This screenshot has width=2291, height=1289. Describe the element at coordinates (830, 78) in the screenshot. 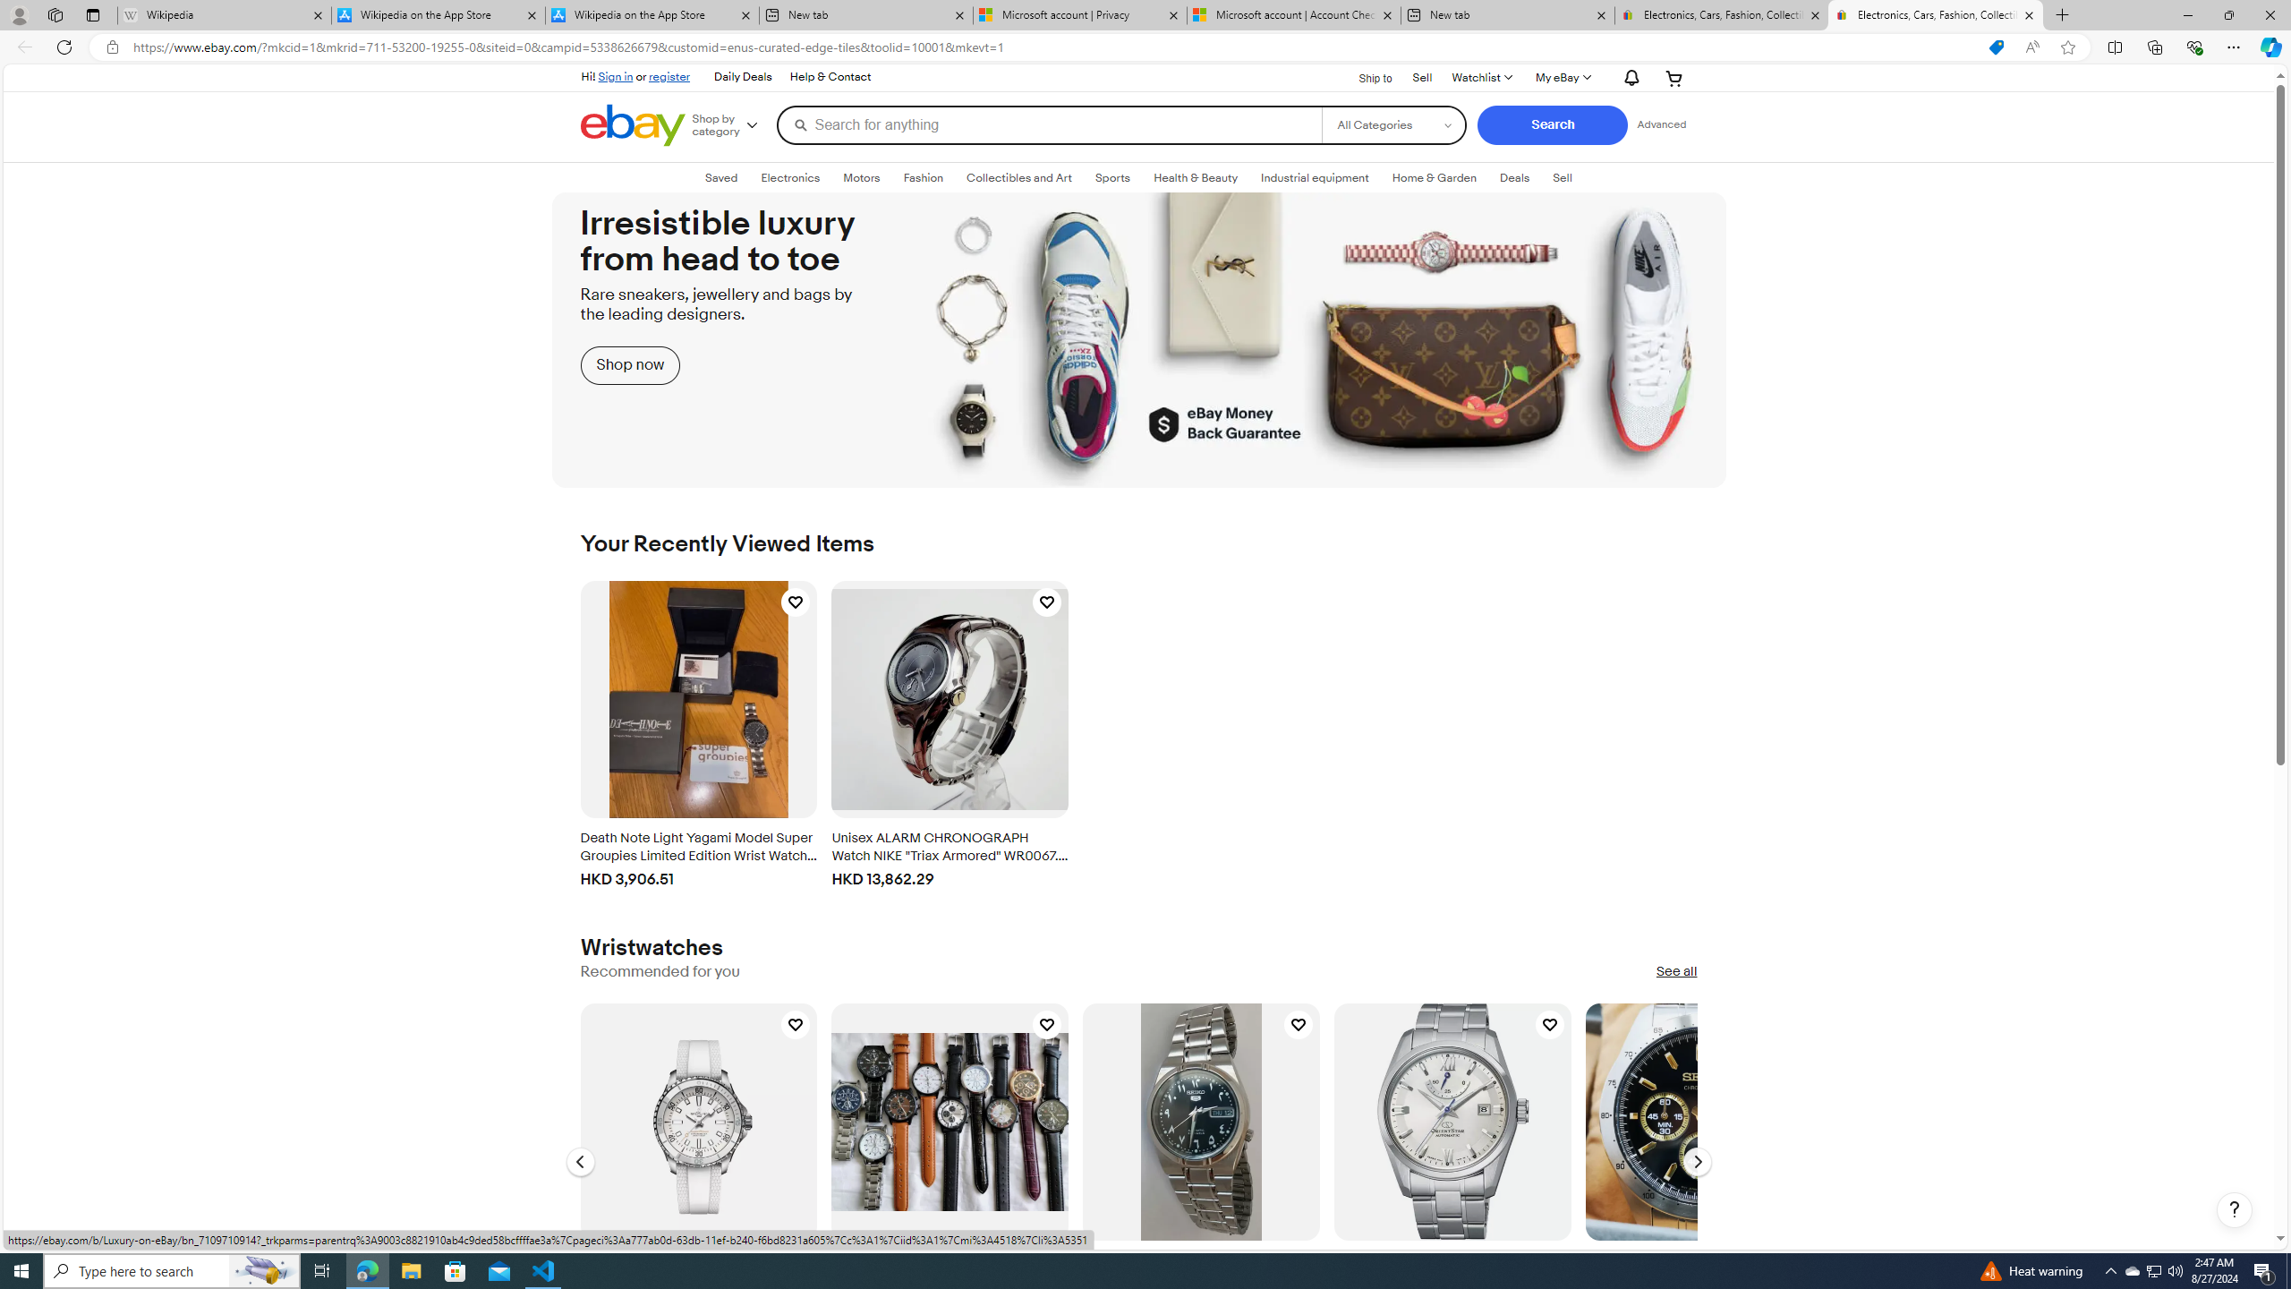

I see `'Help & Contact'` at that location.